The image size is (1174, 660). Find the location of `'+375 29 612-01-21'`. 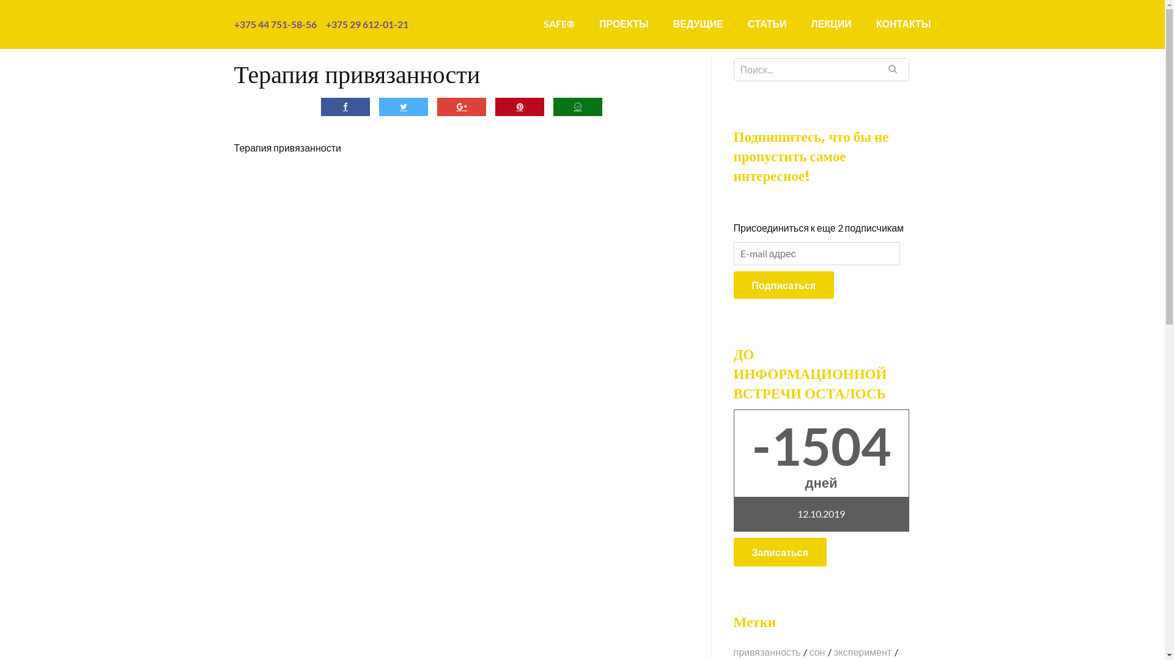

'+375 29 612-01-21' is located at coordinates (366, 24).